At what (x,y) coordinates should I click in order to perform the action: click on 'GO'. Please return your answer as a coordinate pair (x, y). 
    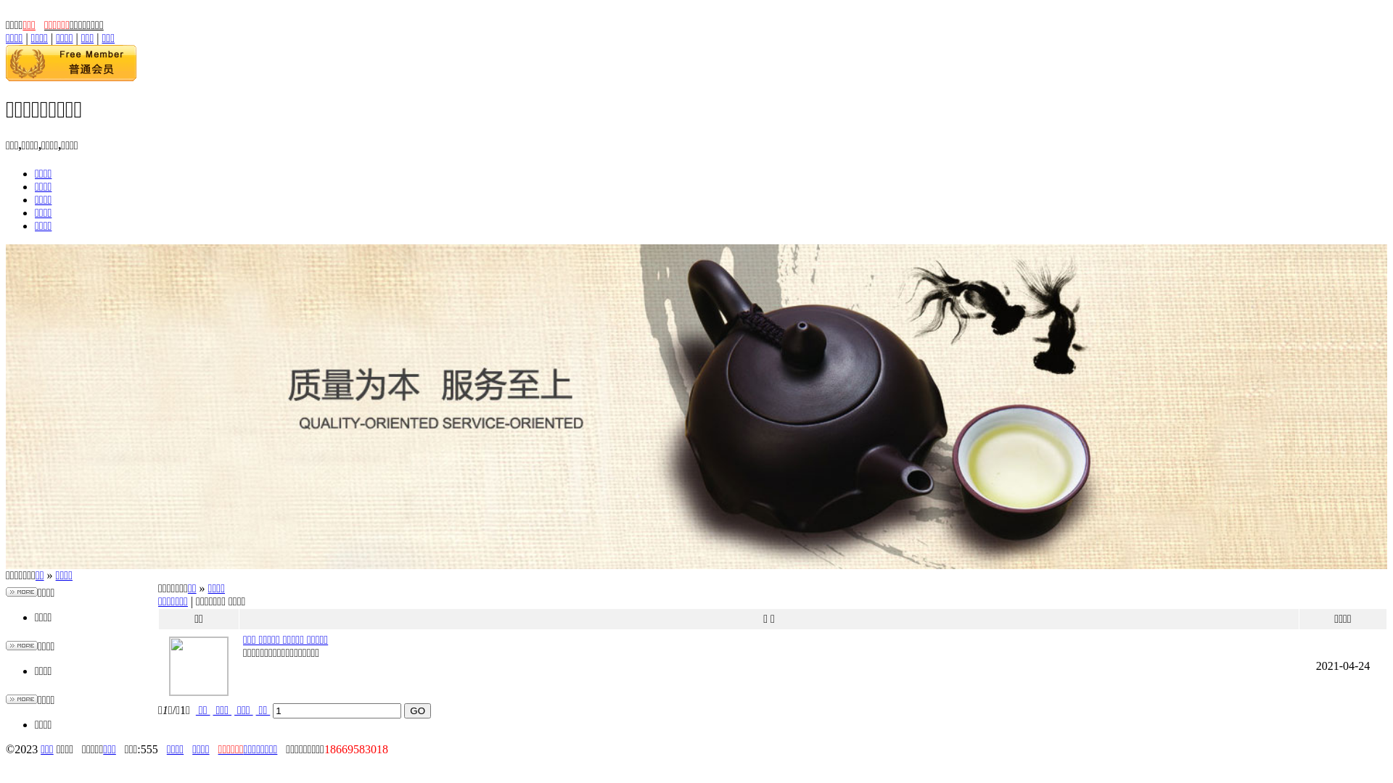
    Looking at the image, I should click on (416, 710).